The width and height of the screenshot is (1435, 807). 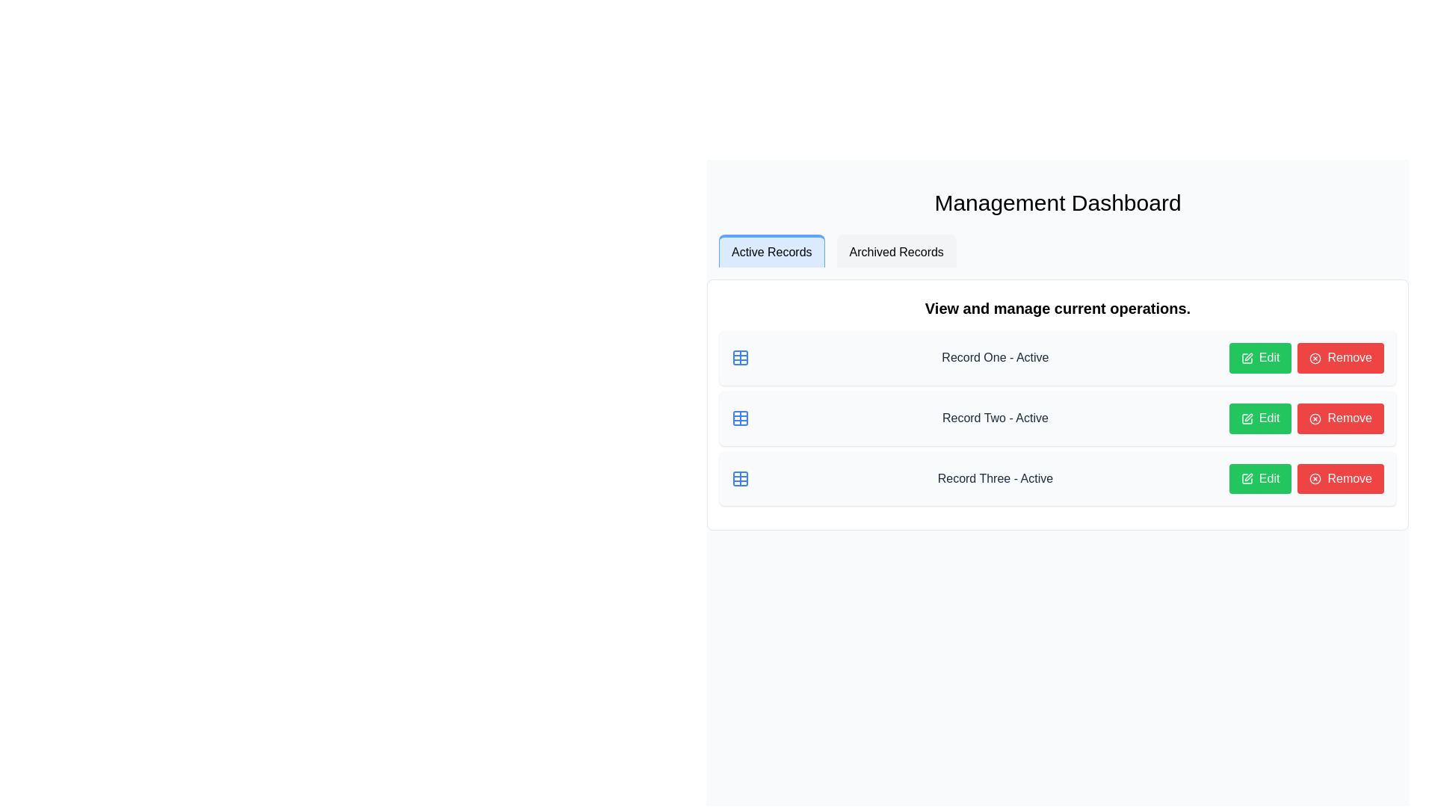 I want to click on the text label indicating the title and status ('Active') in the first row under the 'Active Records' section, which is centrally placed and located to the right of a blue icon, so click(x=995, y=358).